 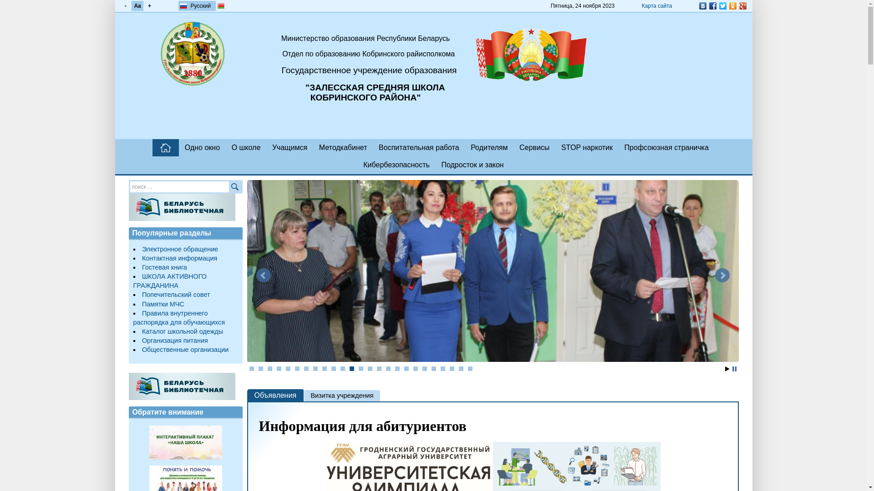 What do you see at coordinates (727, 369) in the screenshot?
I see `'Start'` at bounding box center [727, 369].